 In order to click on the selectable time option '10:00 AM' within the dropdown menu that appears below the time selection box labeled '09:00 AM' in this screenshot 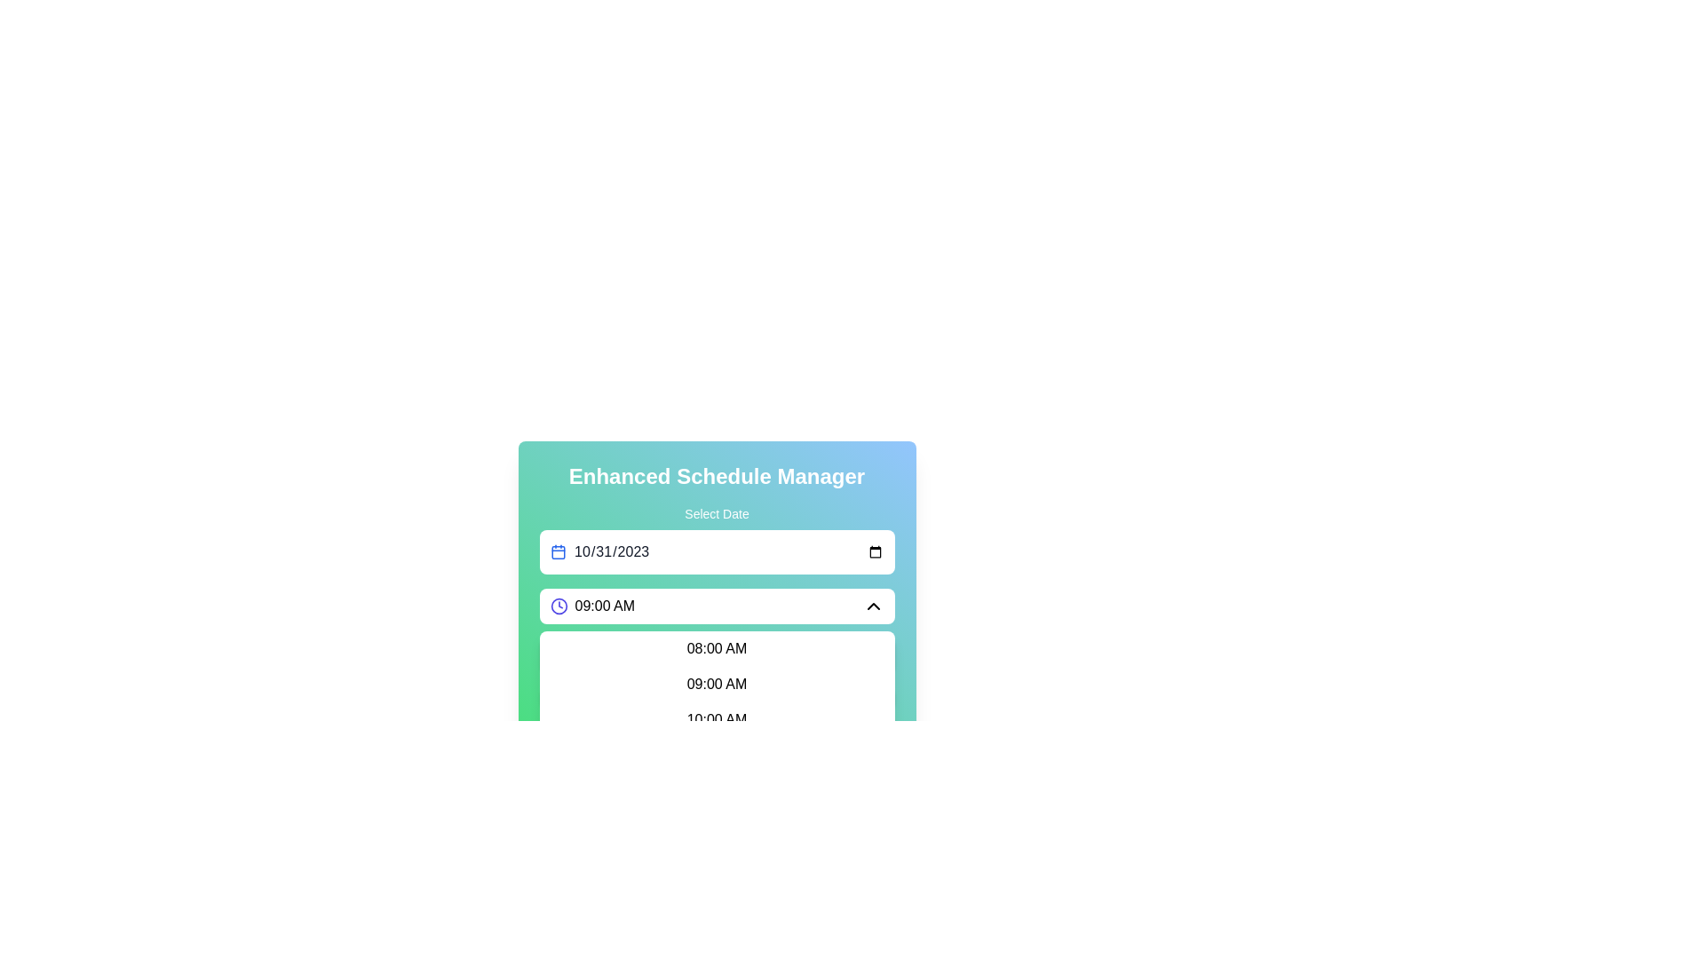, I will do `click(717, 719)`.